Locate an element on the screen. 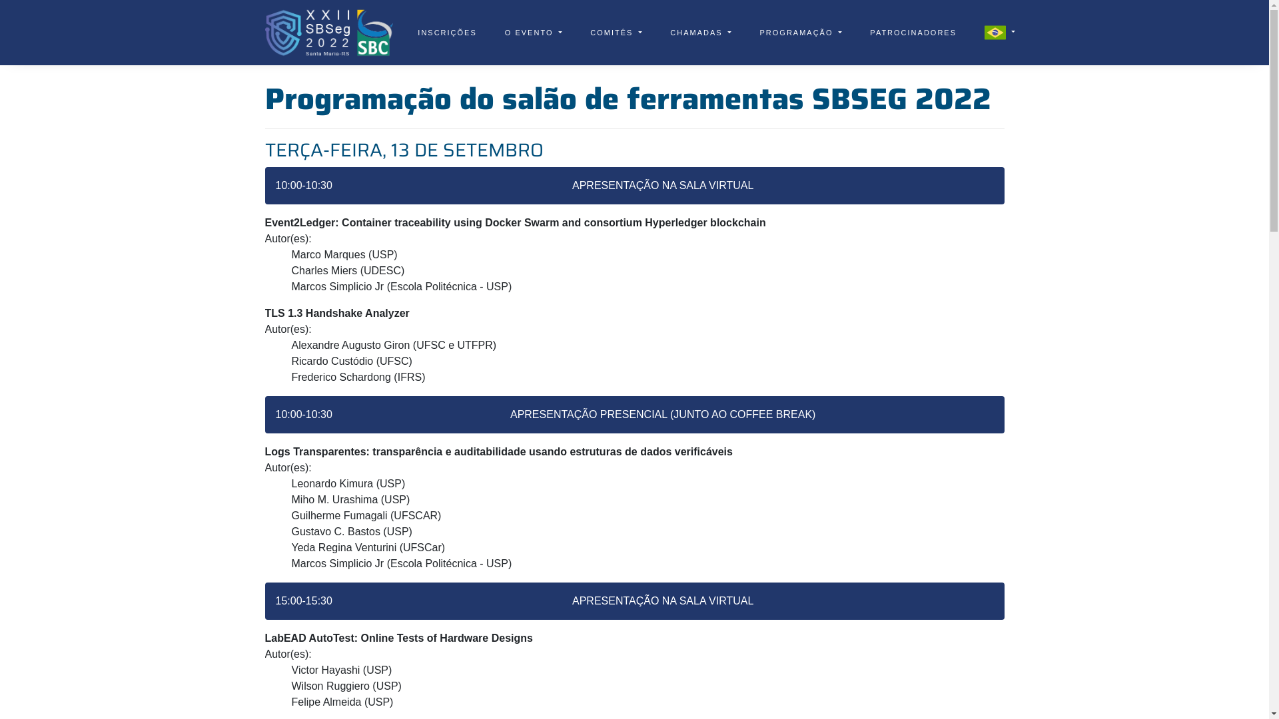 The image size is (1279, 719). 'CHAMADAS' is located at coordinates (699, 32).